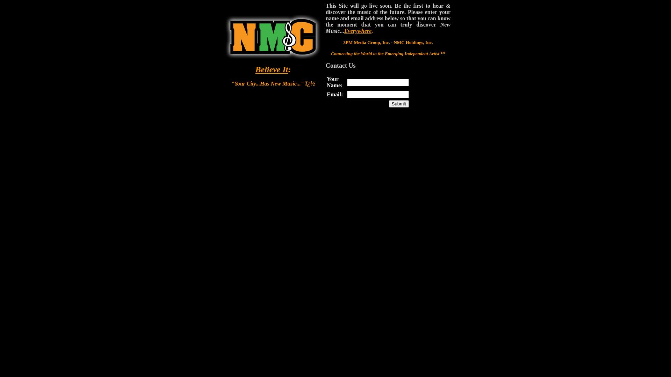 The width and height of the screenshot is (671, 377). Describe the element at coordinates (389, 104) in the screenshot. I see `'Submit'` at that location.